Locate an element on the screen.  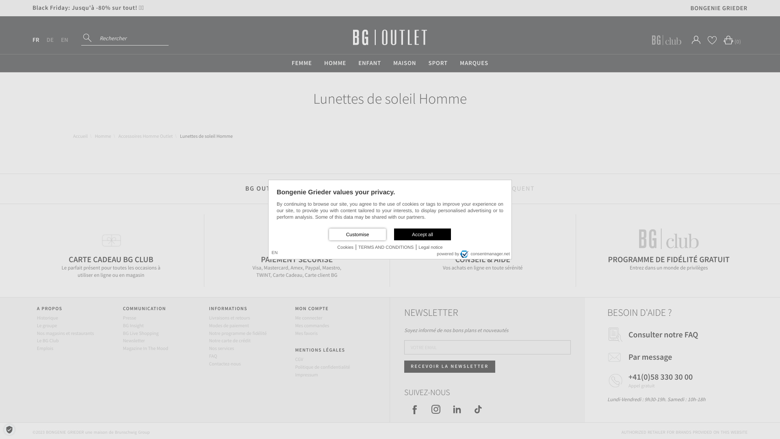
'Rechercher' is located at coordinates (88, 38).